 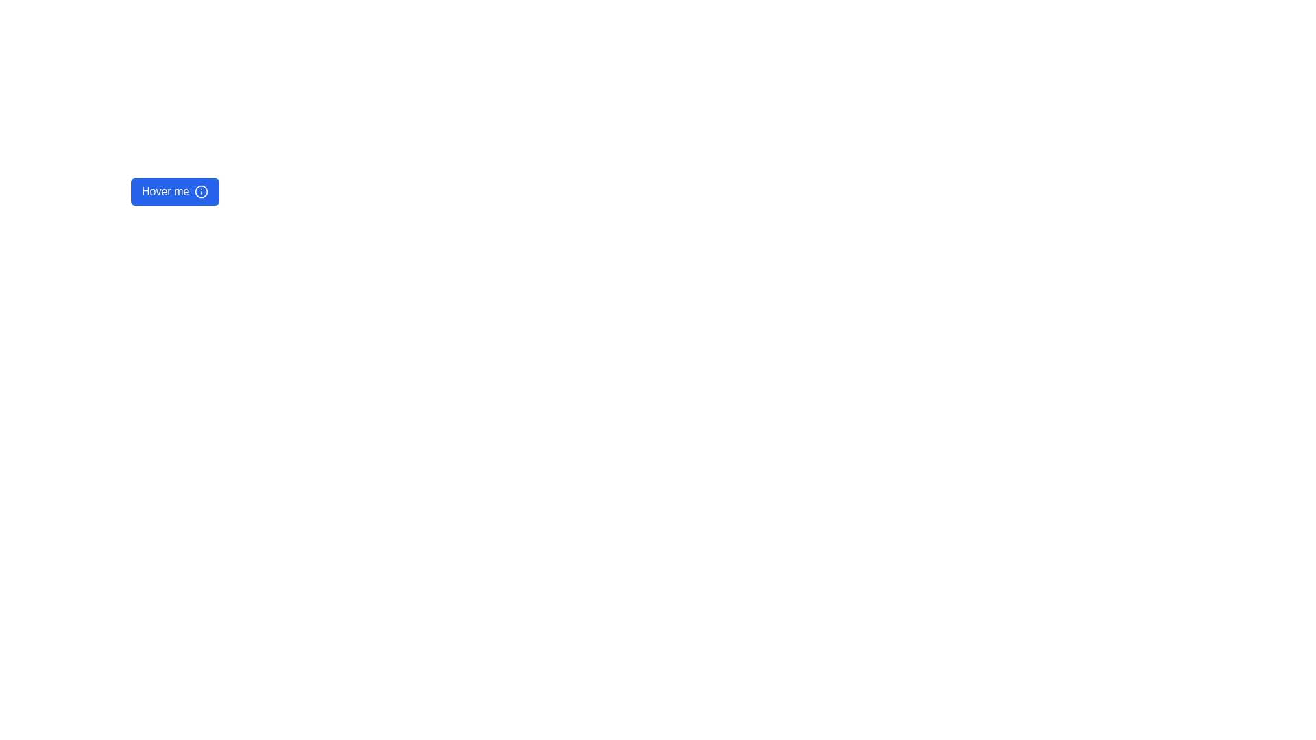 I want to click on the 'Hover me' interactive button with an icon, which is a rectangular button with a blue background and white text, to trigger a hover effect, so click(x=174, y=192).